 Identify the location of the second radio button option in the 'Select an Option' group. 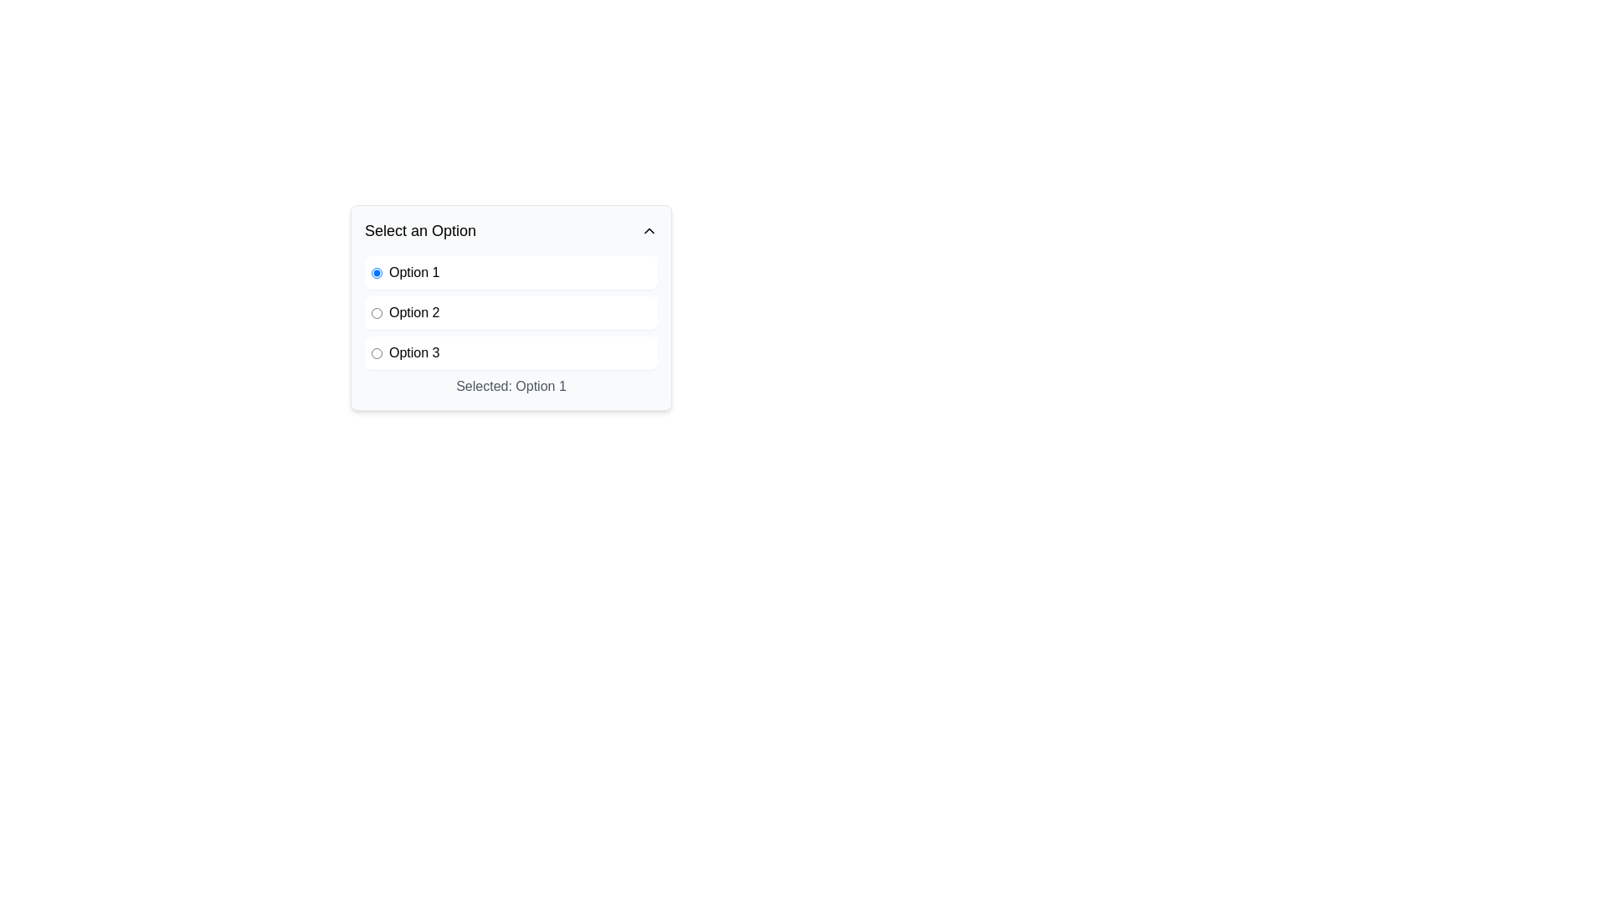
(510, 313).